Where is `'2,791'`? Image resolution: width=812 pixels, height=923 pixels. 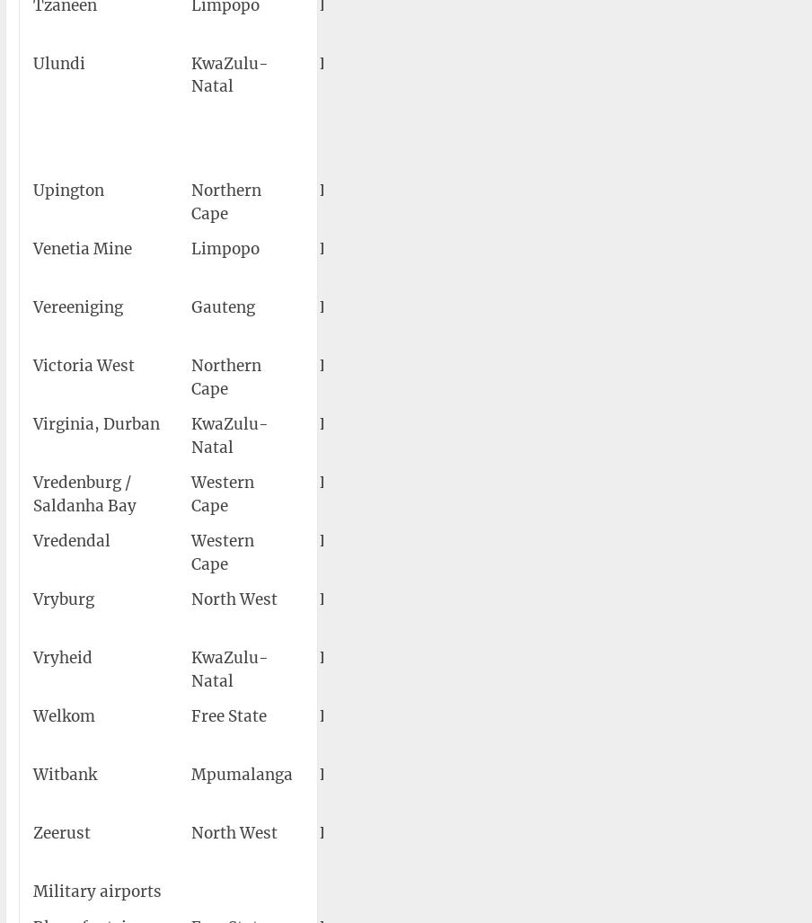
'2,791' is located at coordinates (772, 189).